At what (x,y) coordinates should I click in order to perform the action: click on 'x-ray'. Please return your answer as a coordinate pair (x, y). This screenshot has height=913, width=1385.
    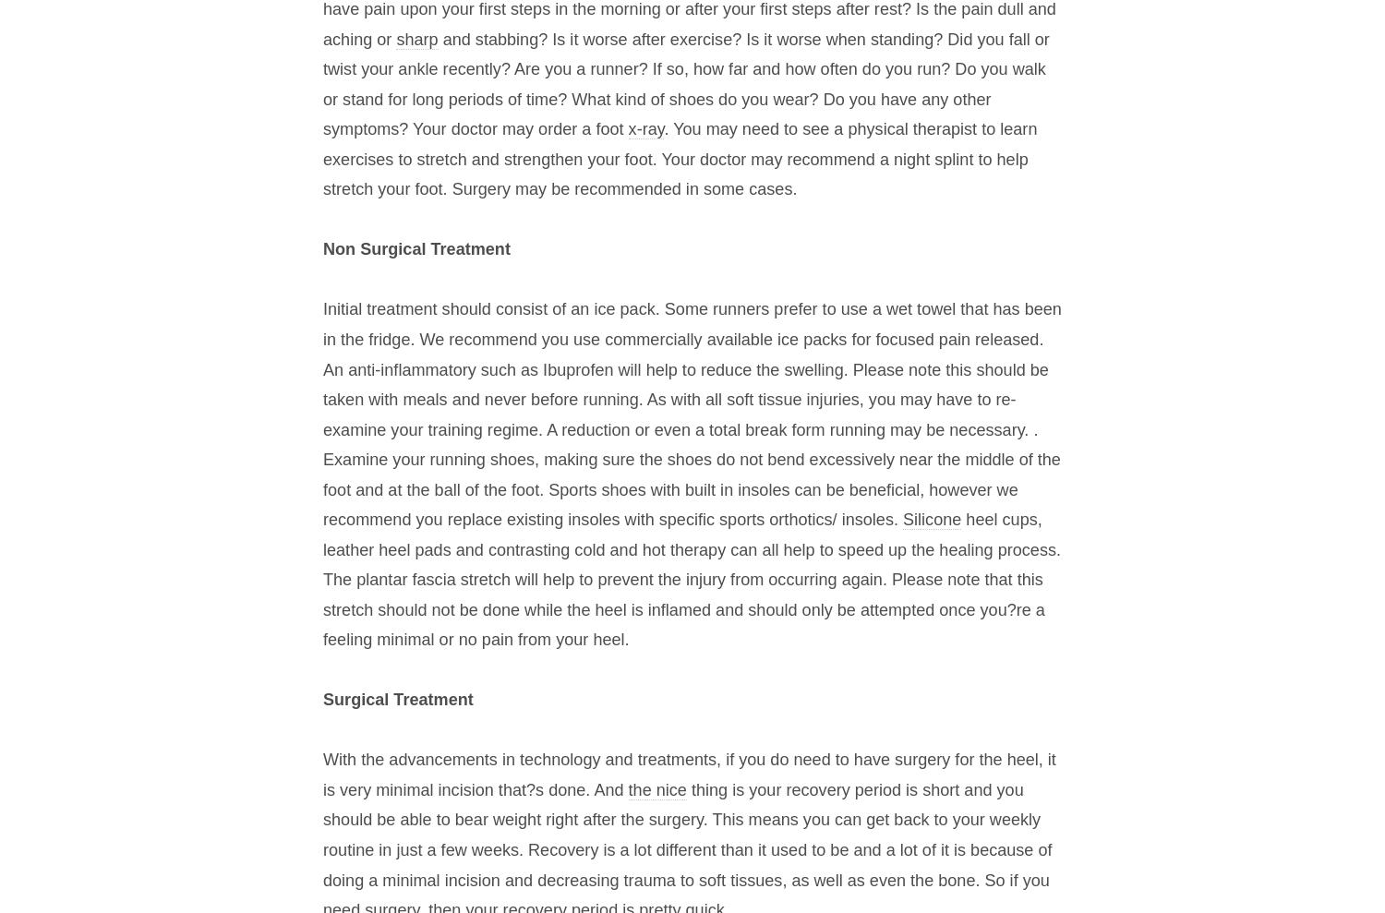
    Looking at the image, I should click on (644, 128).